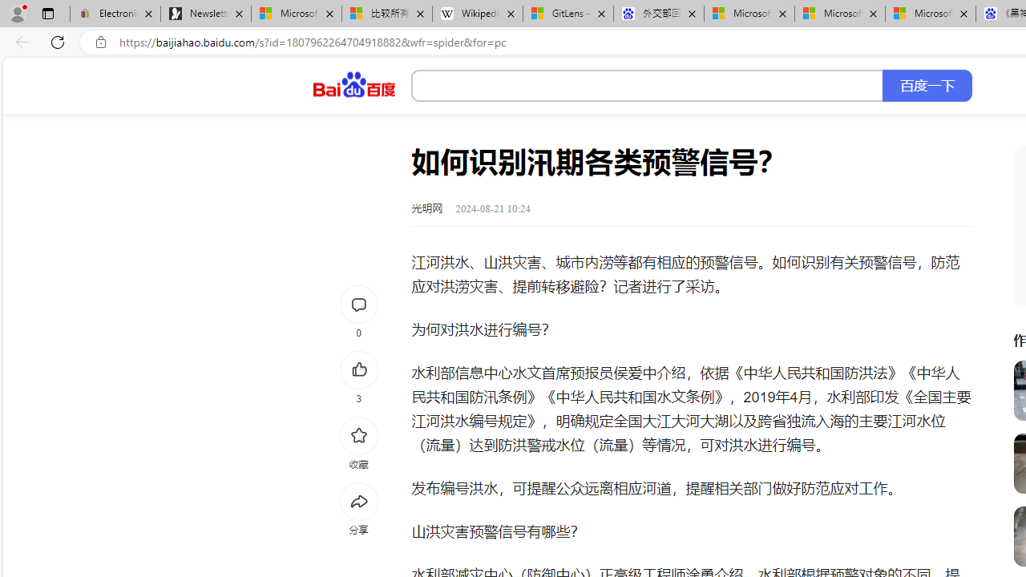  Describe the element at coordinates (648, 86) in the screenshot. I see `'Class: _2C4fV'` at that location.